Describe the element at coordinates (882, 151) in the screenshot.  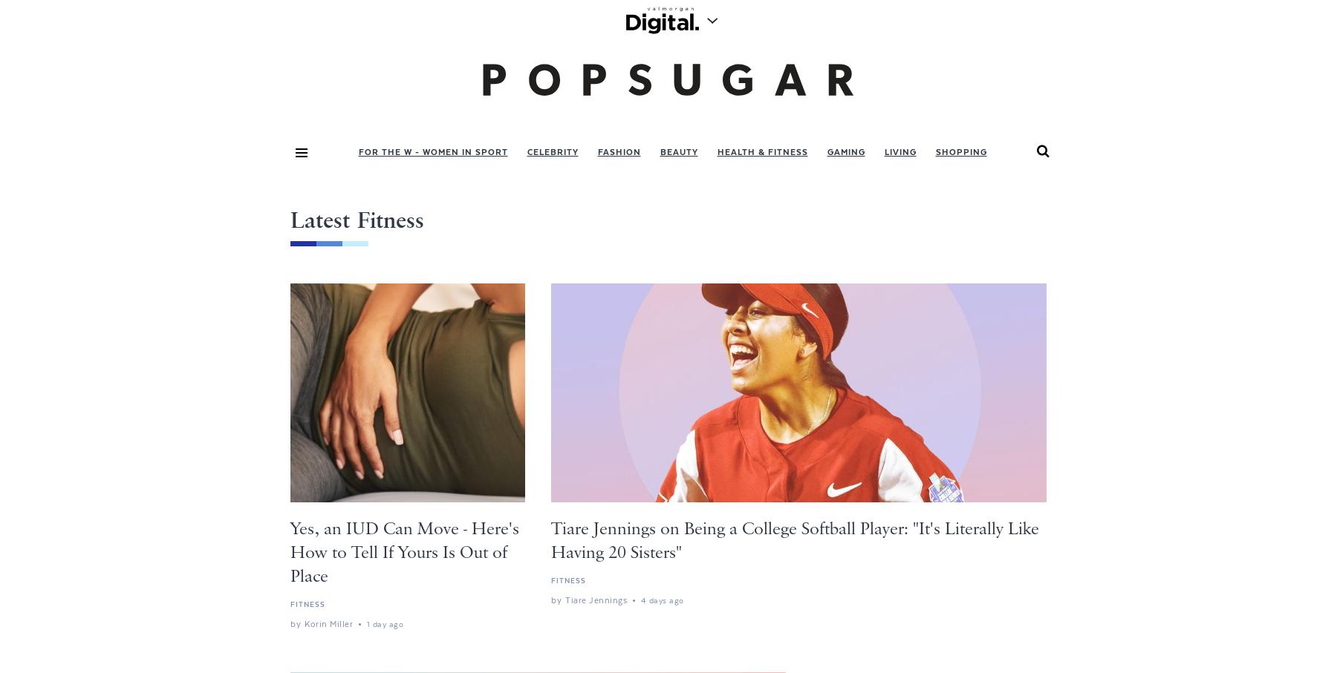
I see `'Living'` at that location.